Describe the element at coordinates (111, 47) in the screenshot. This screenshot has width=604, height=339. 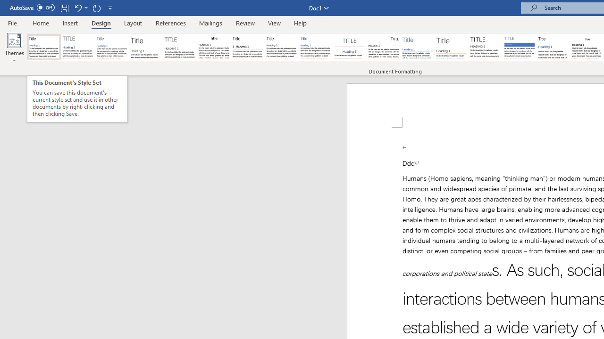
I see `'Basic (Simple)'` at that location.